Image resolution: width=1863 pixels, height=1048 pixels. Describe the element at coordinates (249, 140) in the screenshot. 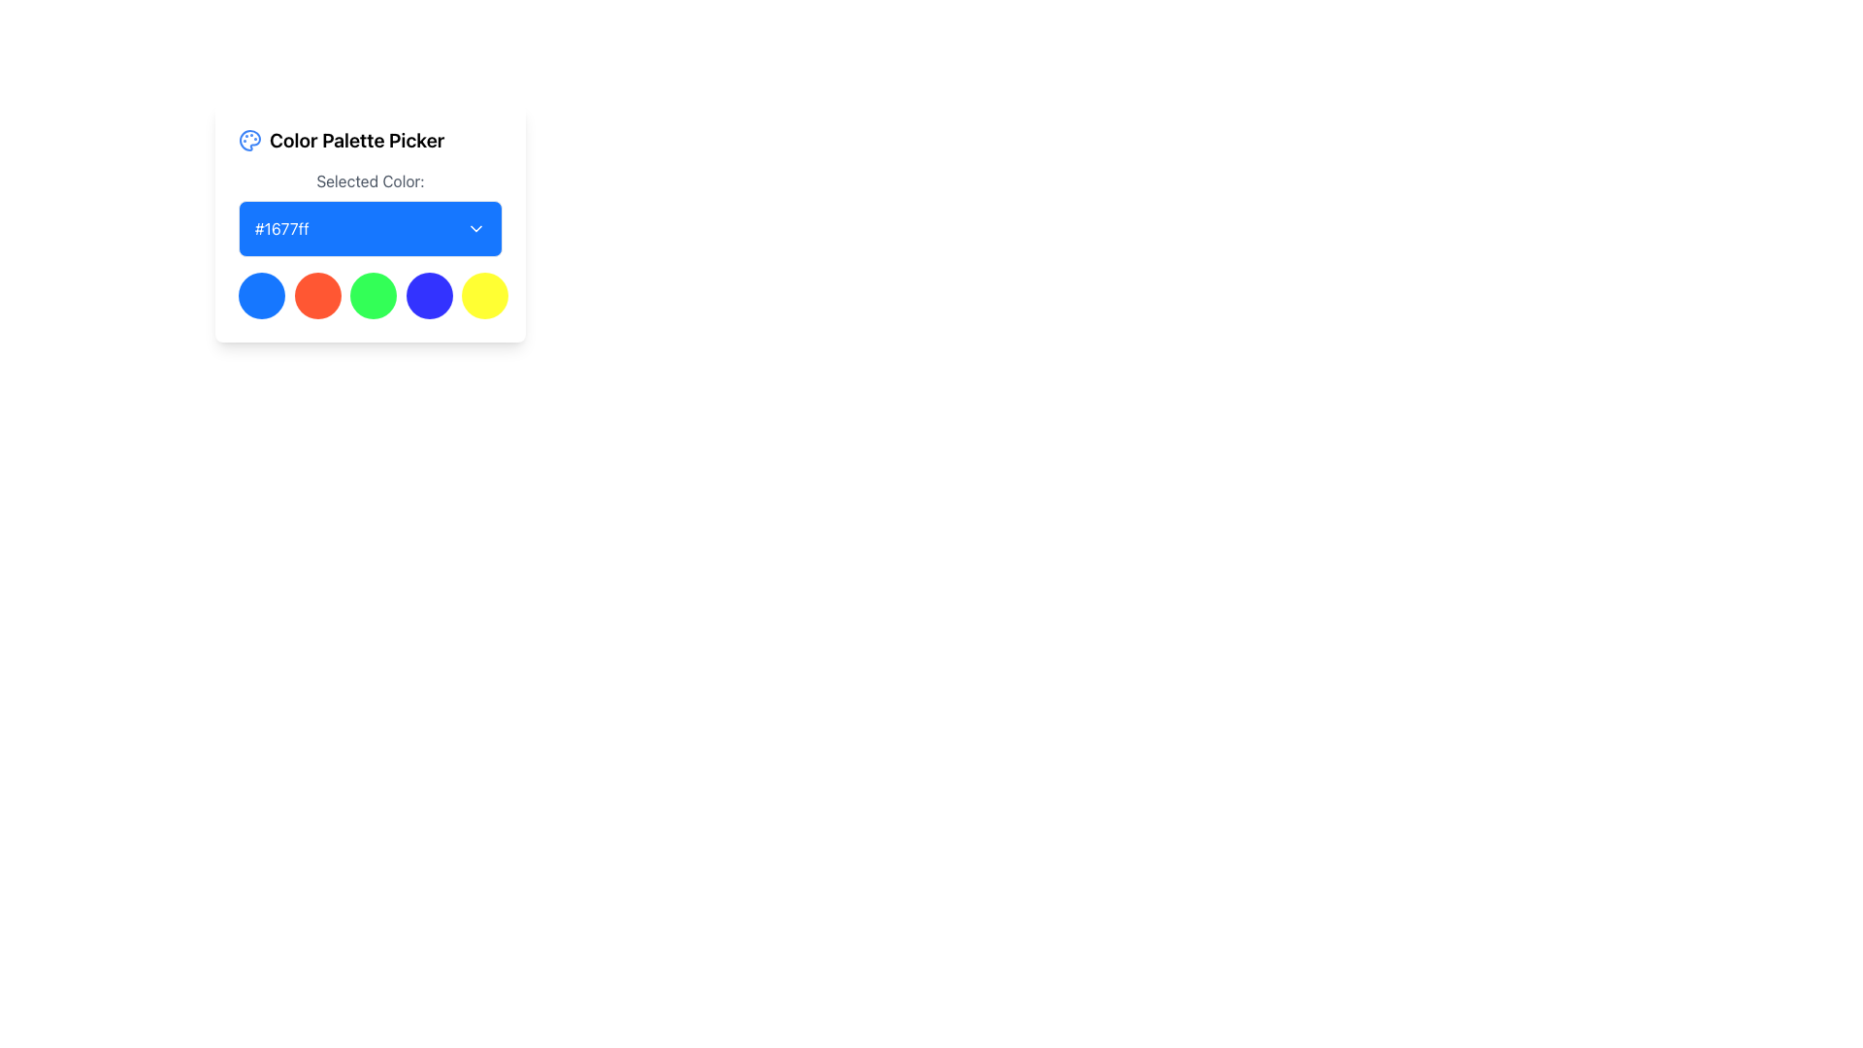

I see `the static icon resembling a palette, which has a blue-colored outline and embedded circles indicating paint colors, positioned to the left of the 'Color Palette Picker' label` at that location.